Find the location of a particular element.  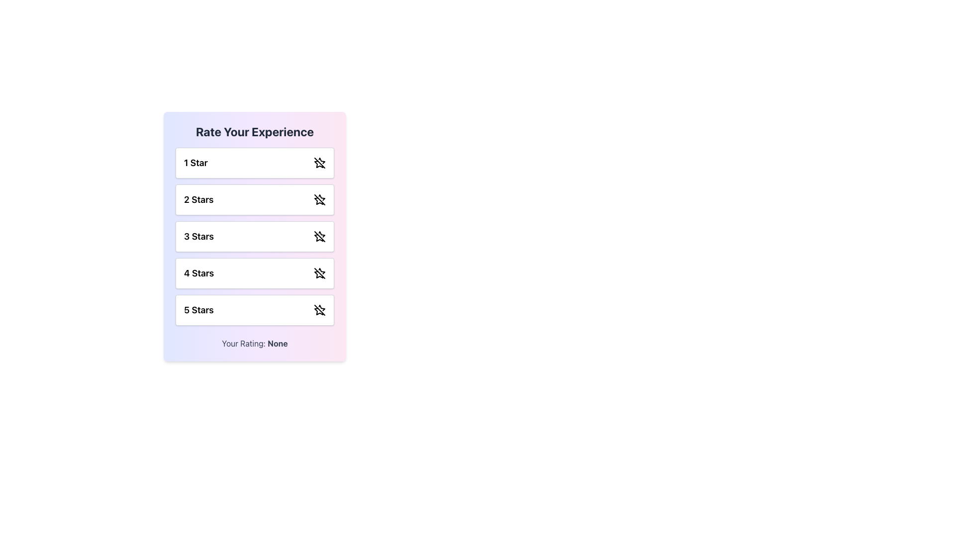

the '1 Star' rating icon, which is the first star in a vertical list of five rating options is located at coordinates (319, 164).